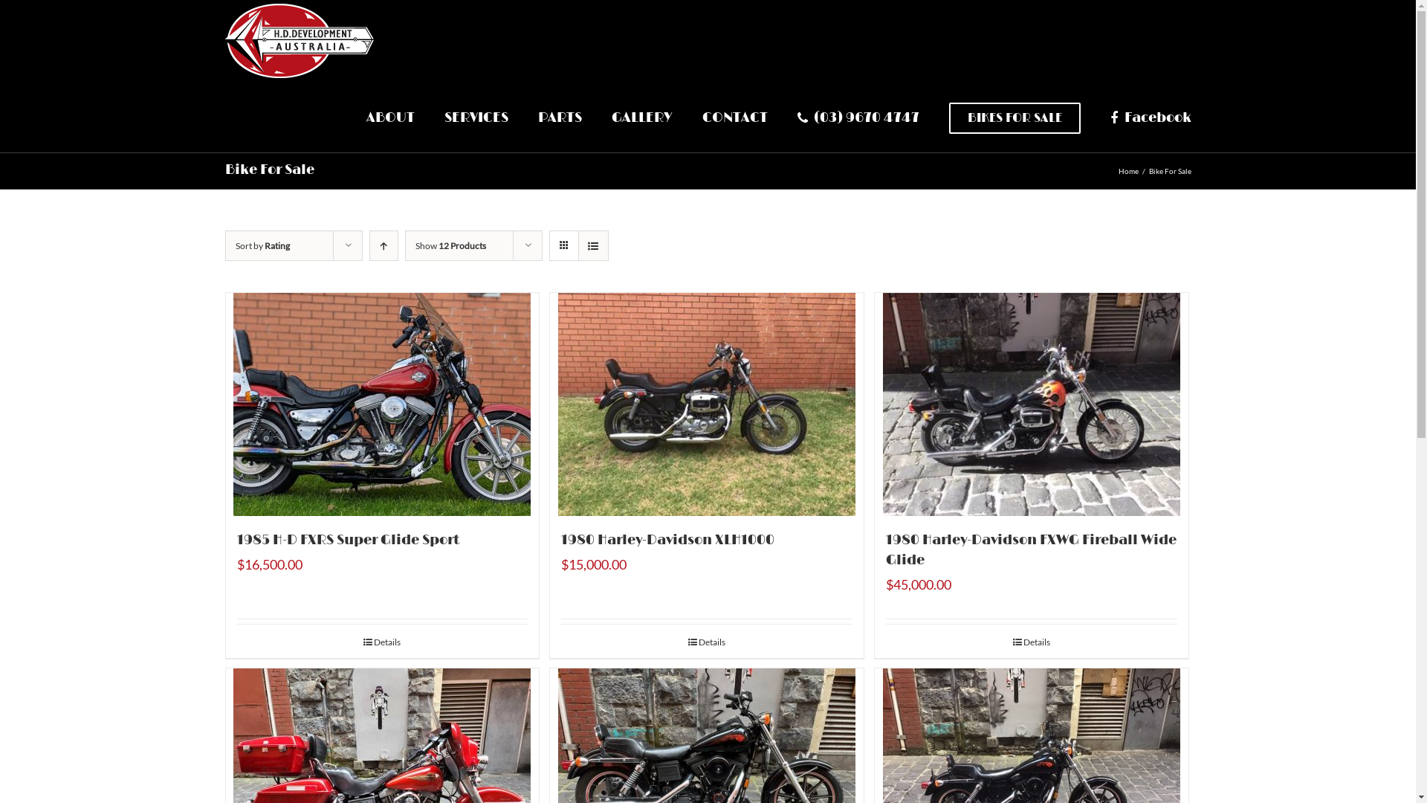  What do you see at coordinates (346, 540) in the screenshot?
I see `'1985 H-D FXRS Super Glide Sport'` at bounding box center [346, 540].